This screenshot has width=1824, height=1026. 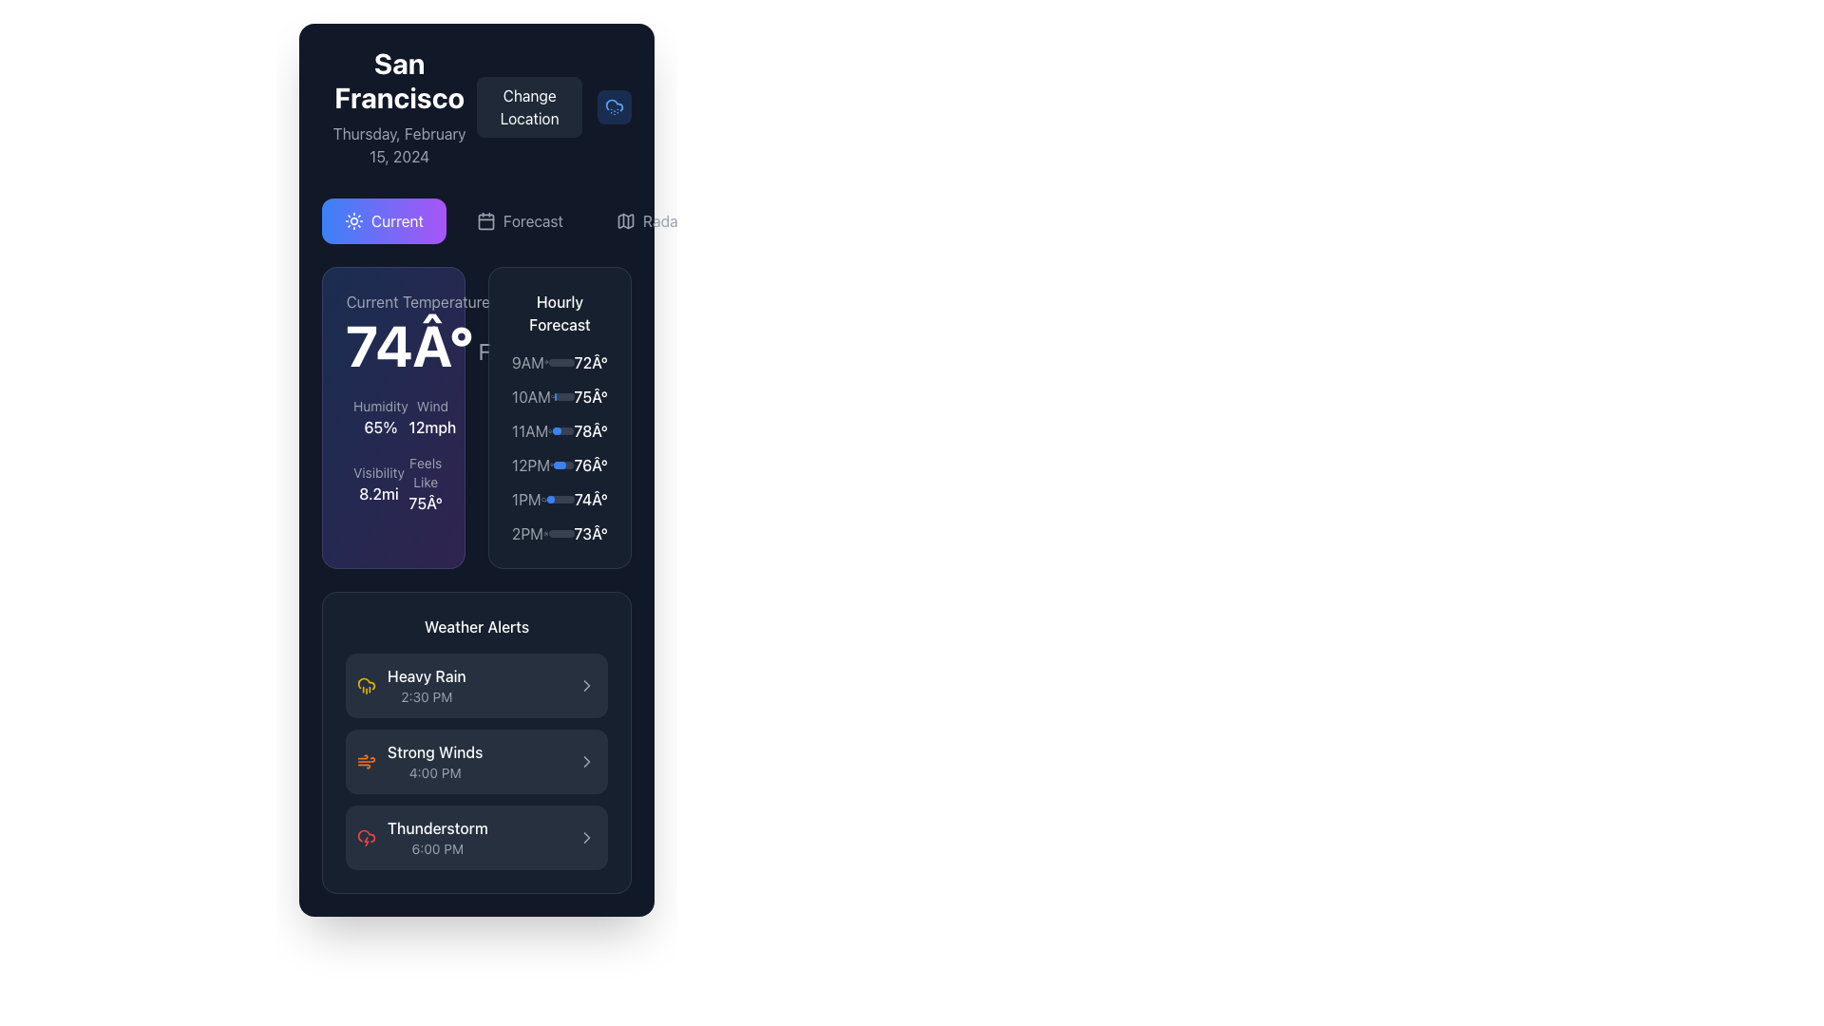 What do you see at coordinates (544, 534) in the screenshot?
I see `the weather icon representing sunny conditions for 2PM in the Hourly Forecast section to understand its contextual meaning` at bounding box center [544, 534].